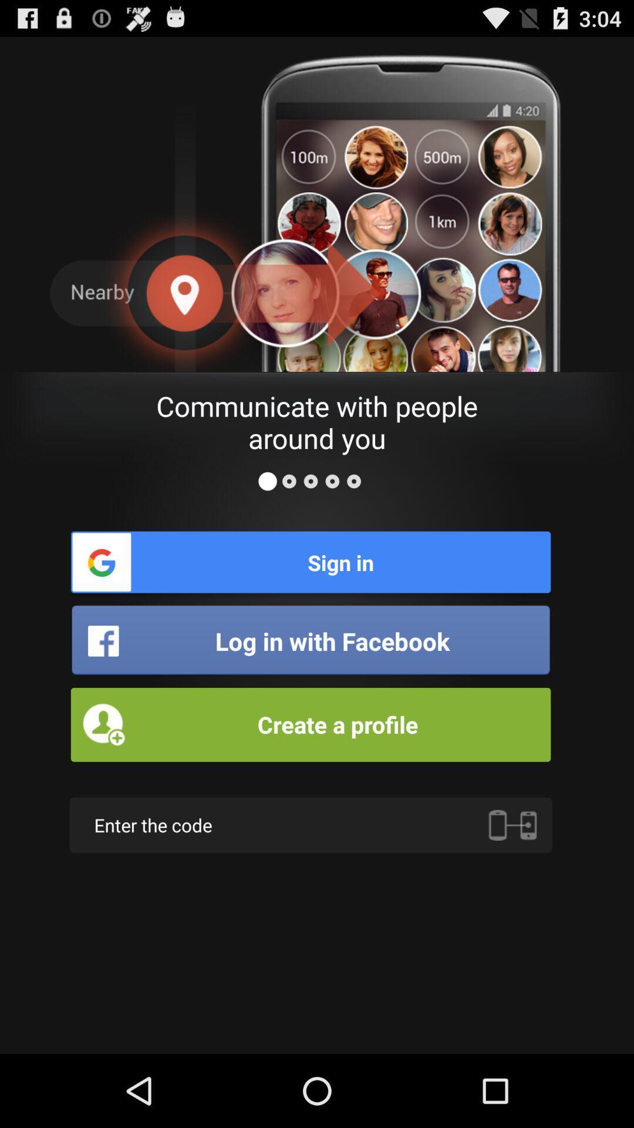  I want to click on the icon below log in with item, so click(310, 724).